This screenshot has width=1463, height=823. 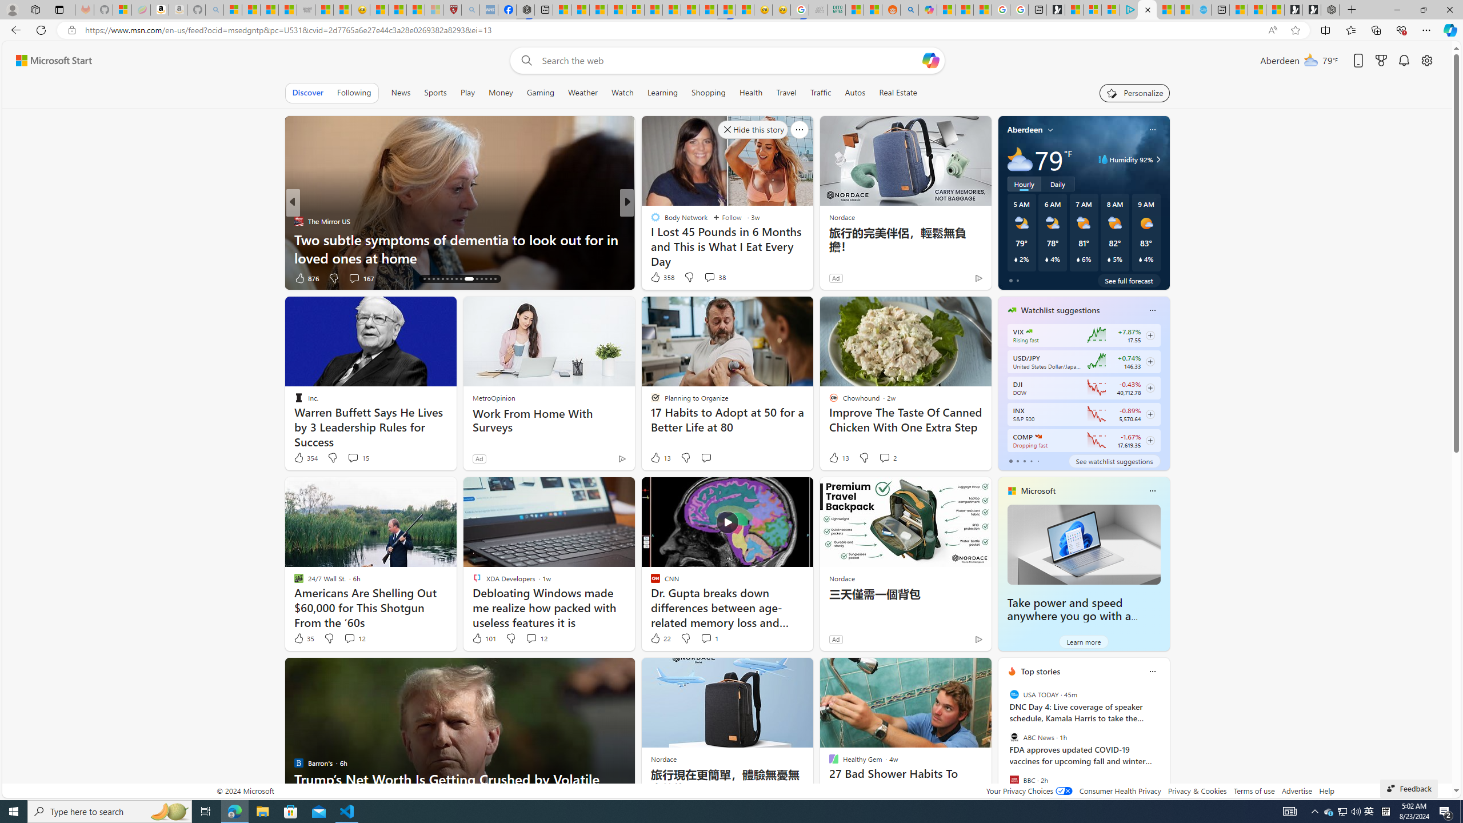 What do you see at coordinates (379, 9) in the screenshot?
I see `'Recipes - MSN'` at bounding box center [379, 9].